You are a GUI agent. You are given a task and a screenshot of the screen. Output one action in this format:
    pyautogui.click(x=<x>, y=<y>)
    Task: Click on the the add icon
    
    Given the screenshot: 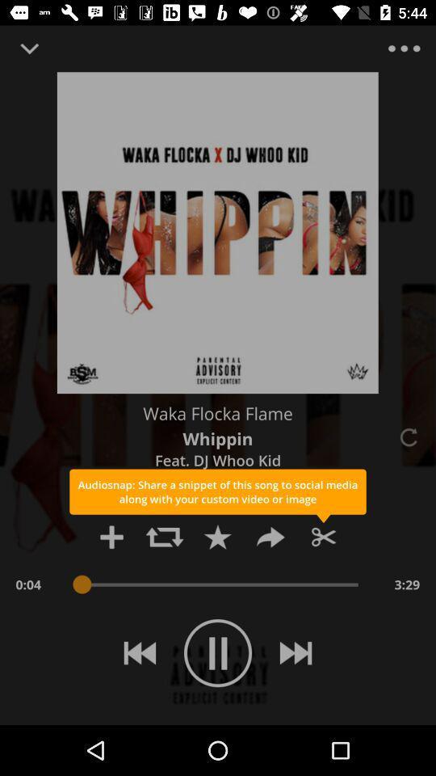 What is the action you would take?
    pyautogui.click(x=111, y=537)
    